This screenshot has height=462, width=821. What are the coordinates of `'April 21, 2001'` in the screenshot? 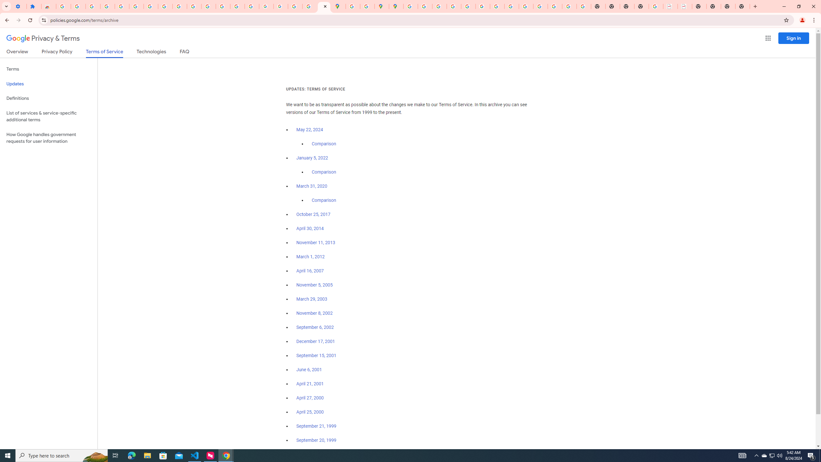 It's located at (310, 383).